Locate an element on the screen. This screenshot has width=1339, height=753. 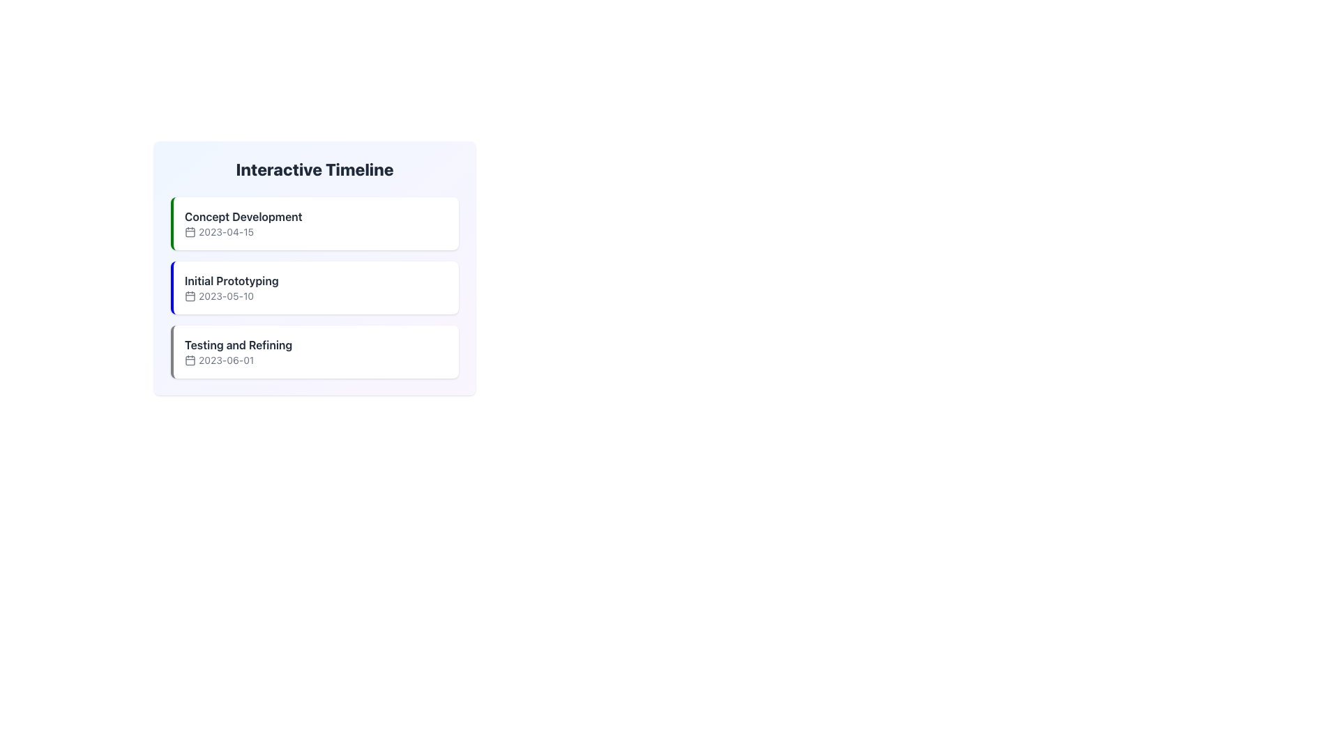
the text element displaying the date '2023-04-15' with a small calendar icon, located below the 'Concept Development' header is located at coordinates (243, 231).